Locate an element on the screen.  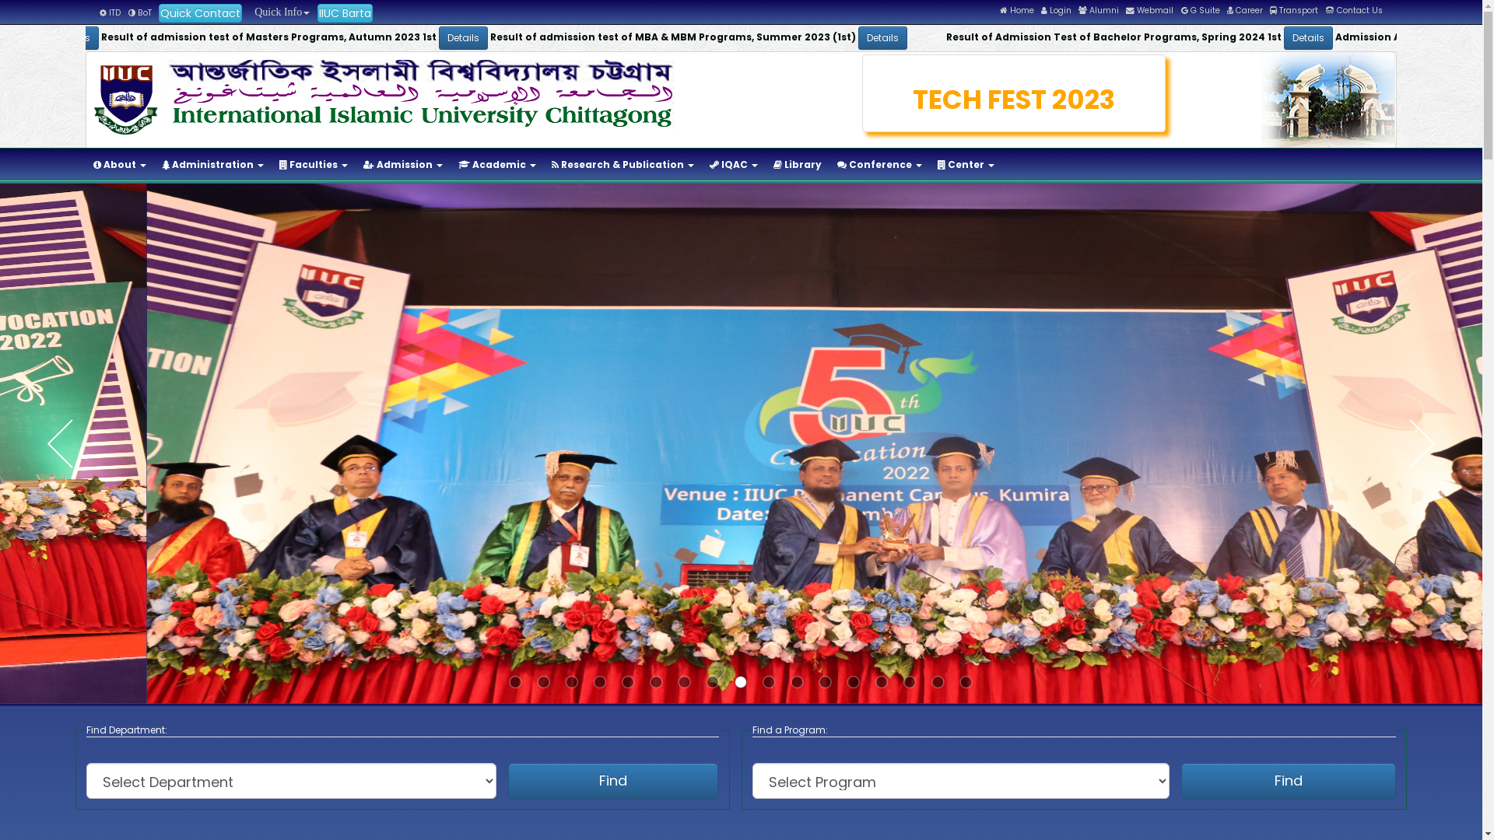
'About' is located at coordinates (85, 165).